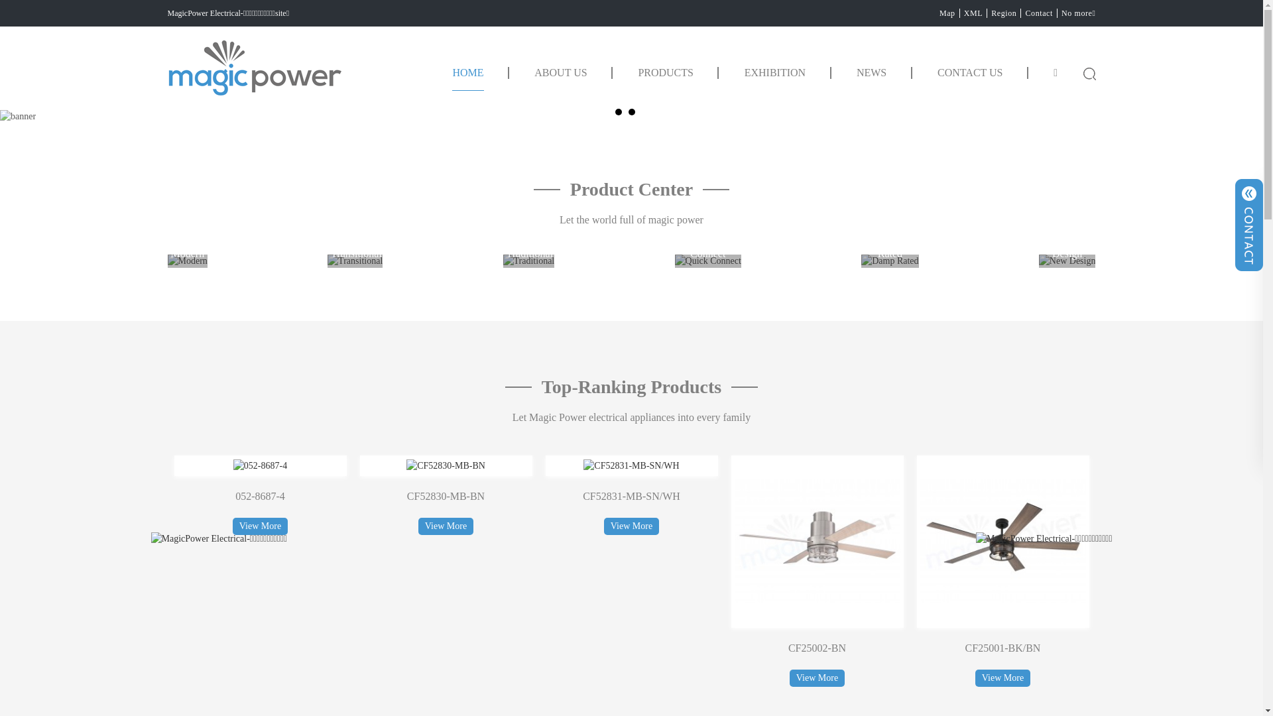  Describe the element at coordinates (1038, 13) in the screenshot. I see `'Contact'` at that location.